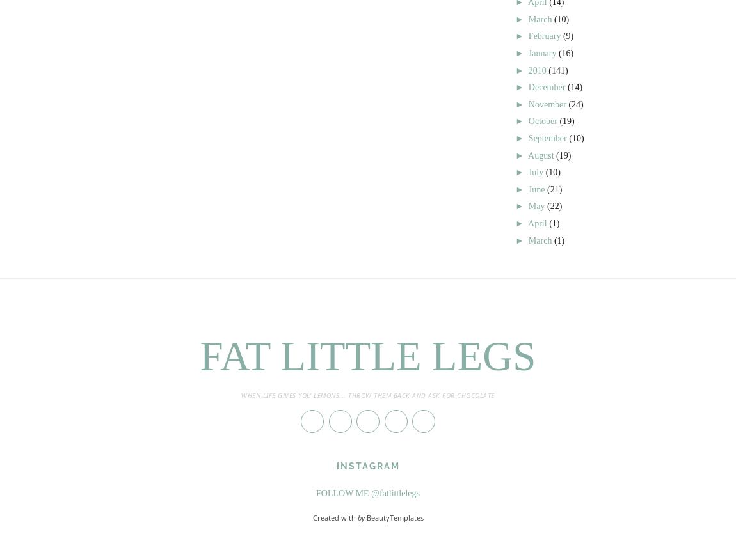  Describe the element at coordinates (335, 466) in the screenshot. I see `'Instagram'` at that location.